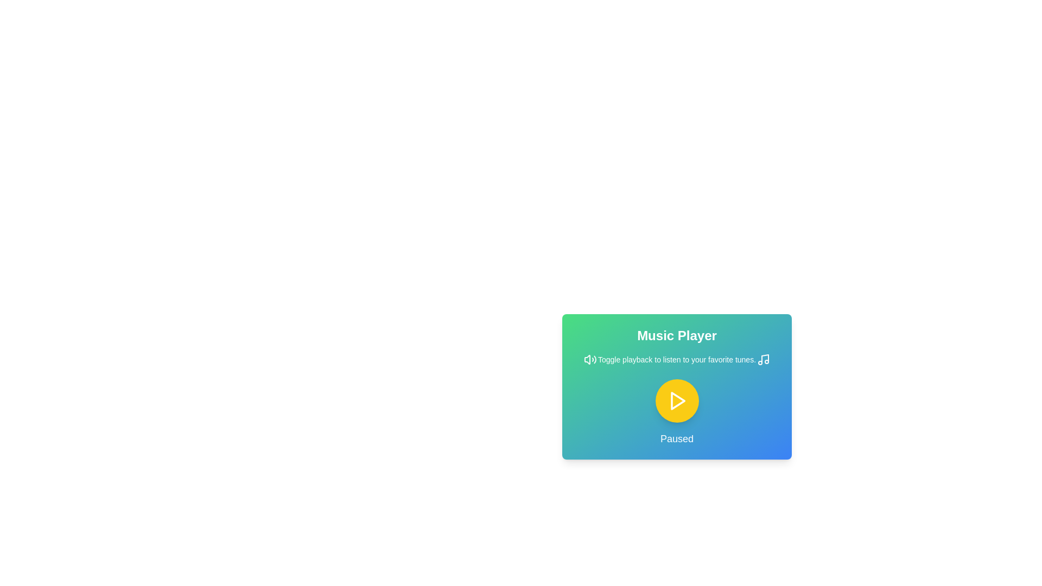 The width and height of the screenshot is (1042, 586). Describe the element at coordinates (676, 360) in the screenshot. I see `the text label displaying 'Toggle playback to listen to your favorite tunes.' located under the title 'Music Player'` at that location.